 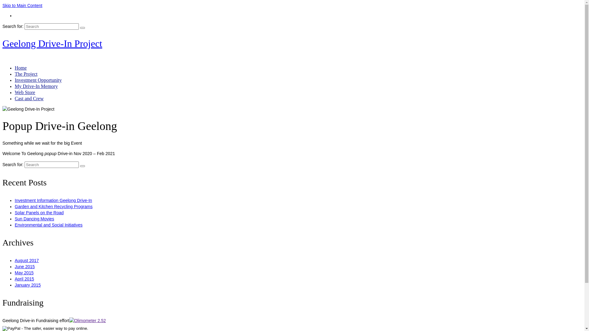 What do you see at coordinates (26, 260) in the screenshot?
I see `'August 2017'` at bounding box center [26, 260].